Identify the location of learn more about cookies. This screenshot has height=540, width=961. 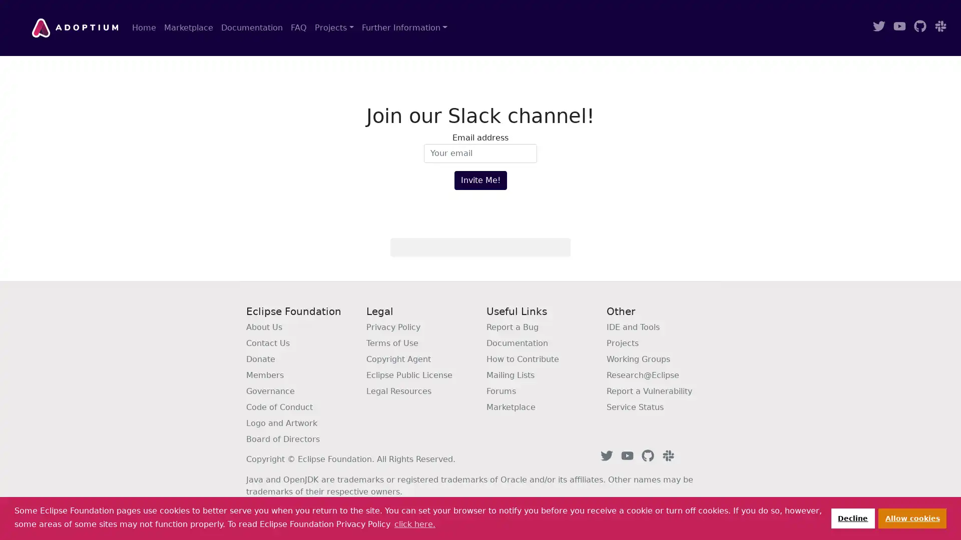
(414, 523).